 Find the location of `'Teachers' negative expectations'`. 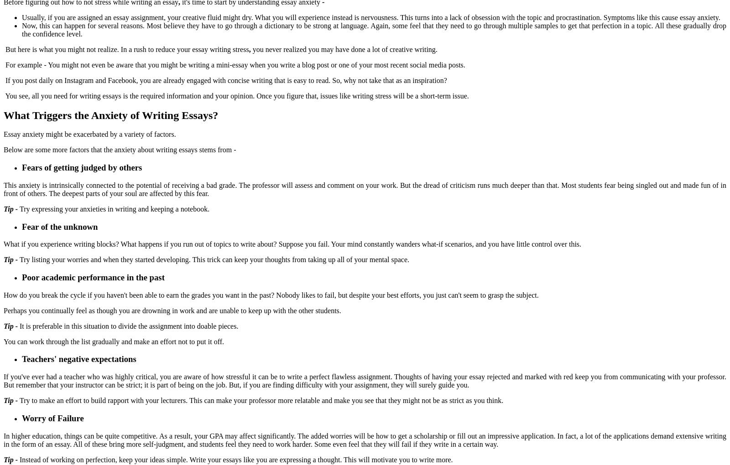

'Teachers' negative expectations' is located at coordinates (79, 358).